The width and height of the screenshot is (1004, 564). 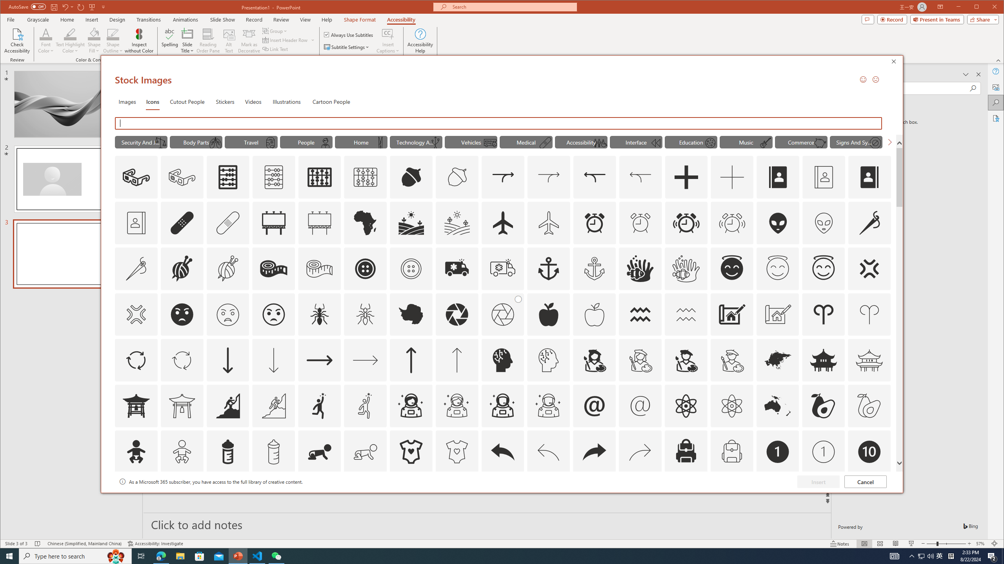 I want to click on 'AutomationID: Icons_AlterationsTailoring2', so click(x=273, y=268).